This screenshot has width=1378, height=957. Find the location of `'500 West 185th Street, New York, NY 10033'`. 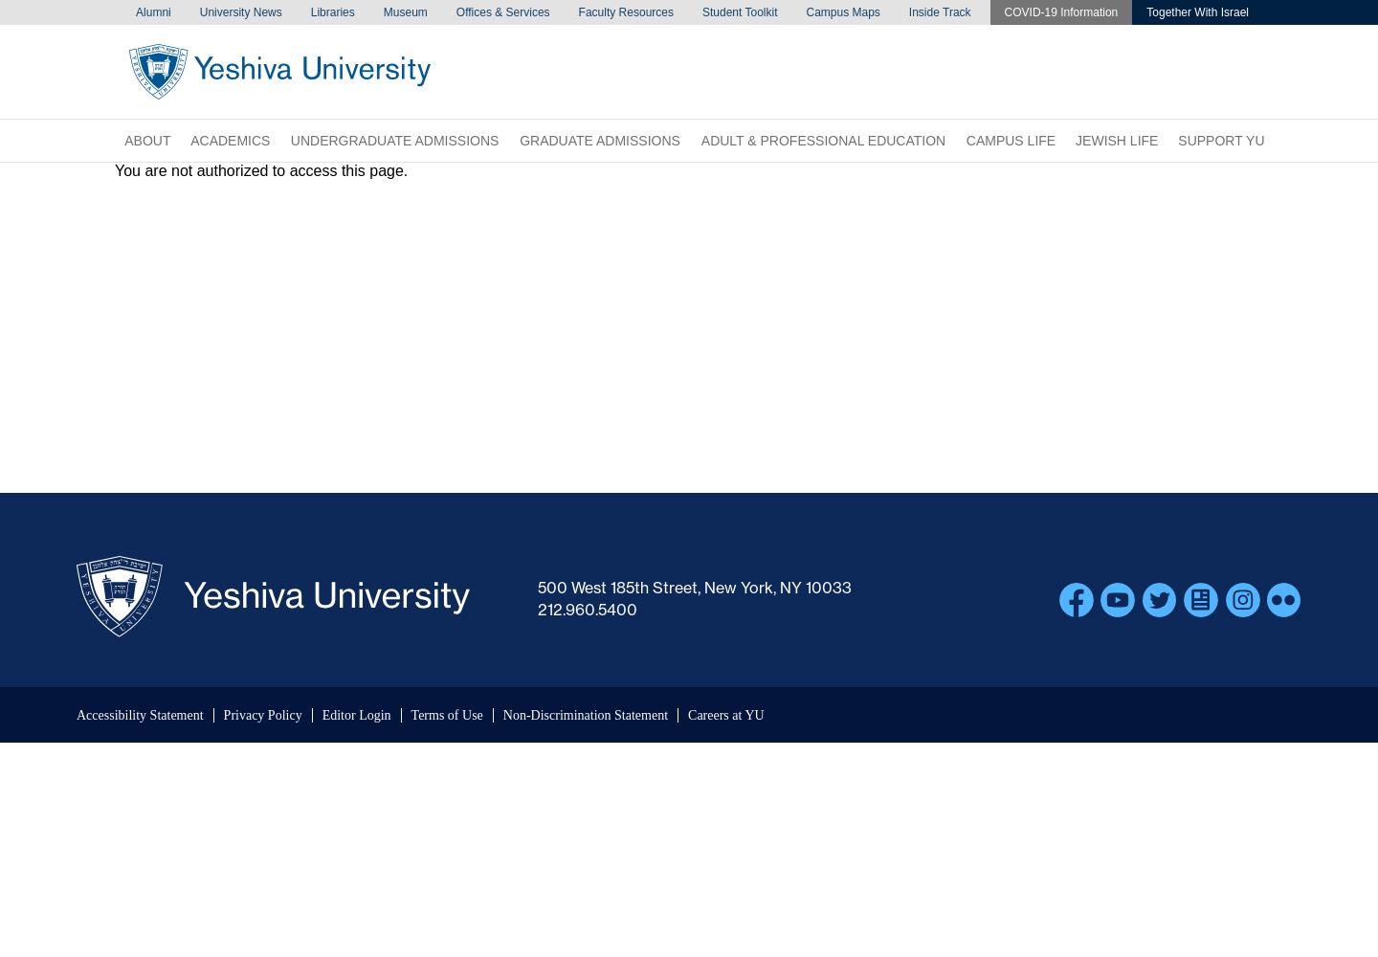

'500 West 185th Street, New York, NY 10033' is located at coordinates (694, 587).